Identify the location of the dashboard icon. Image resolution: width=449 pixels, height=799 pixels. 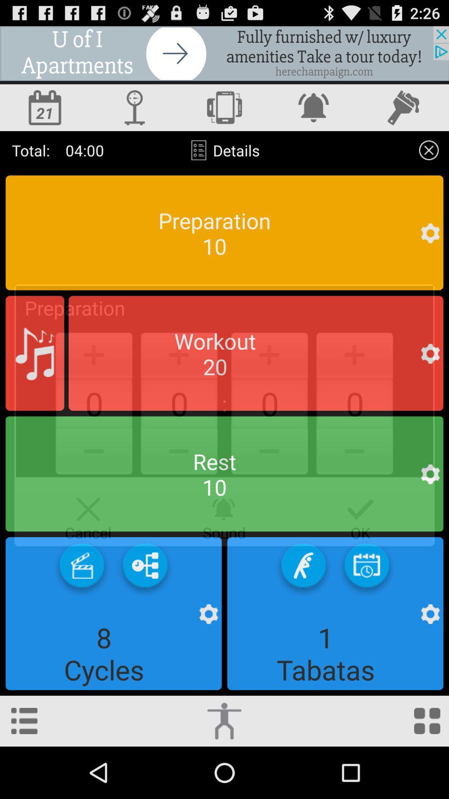
(427, 771).